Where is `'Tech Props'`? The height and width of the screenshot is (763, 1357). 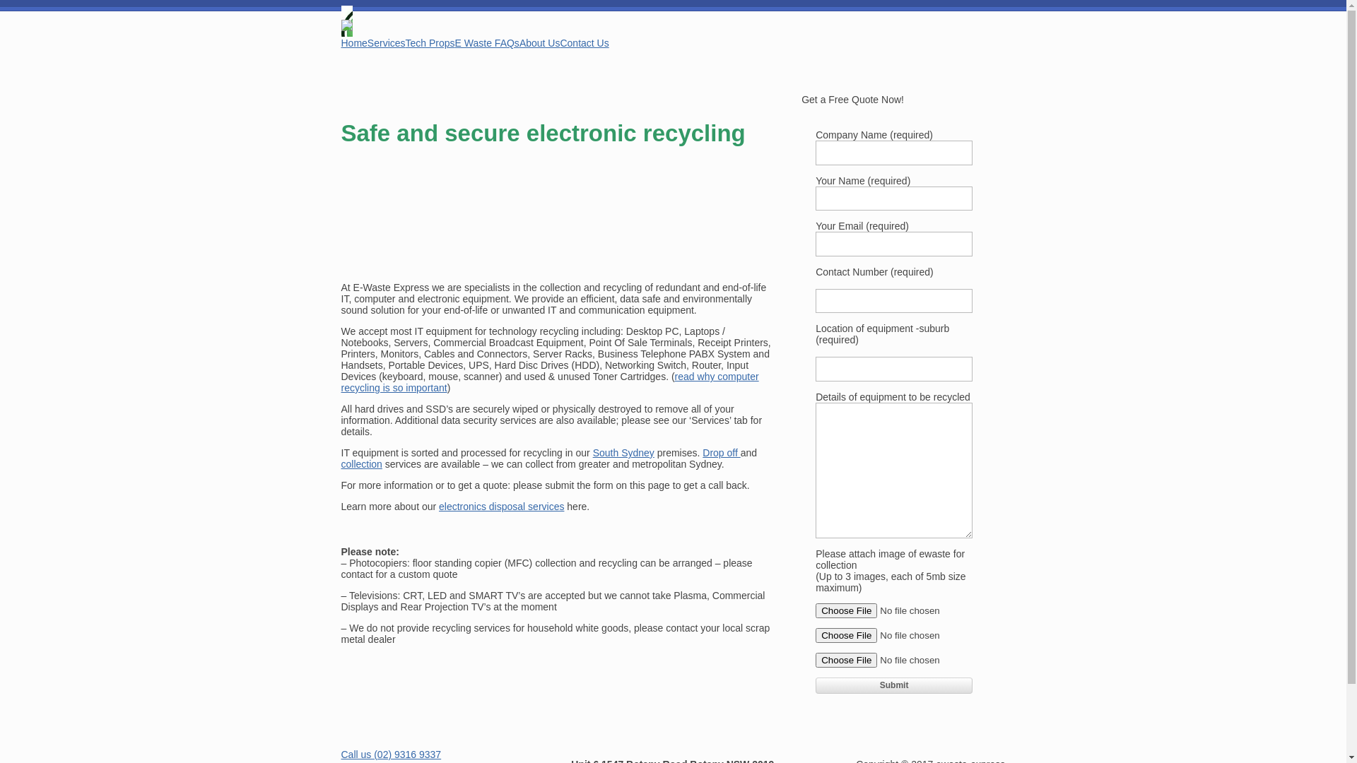
'Tech Props' is located at coordinates (430, 42).